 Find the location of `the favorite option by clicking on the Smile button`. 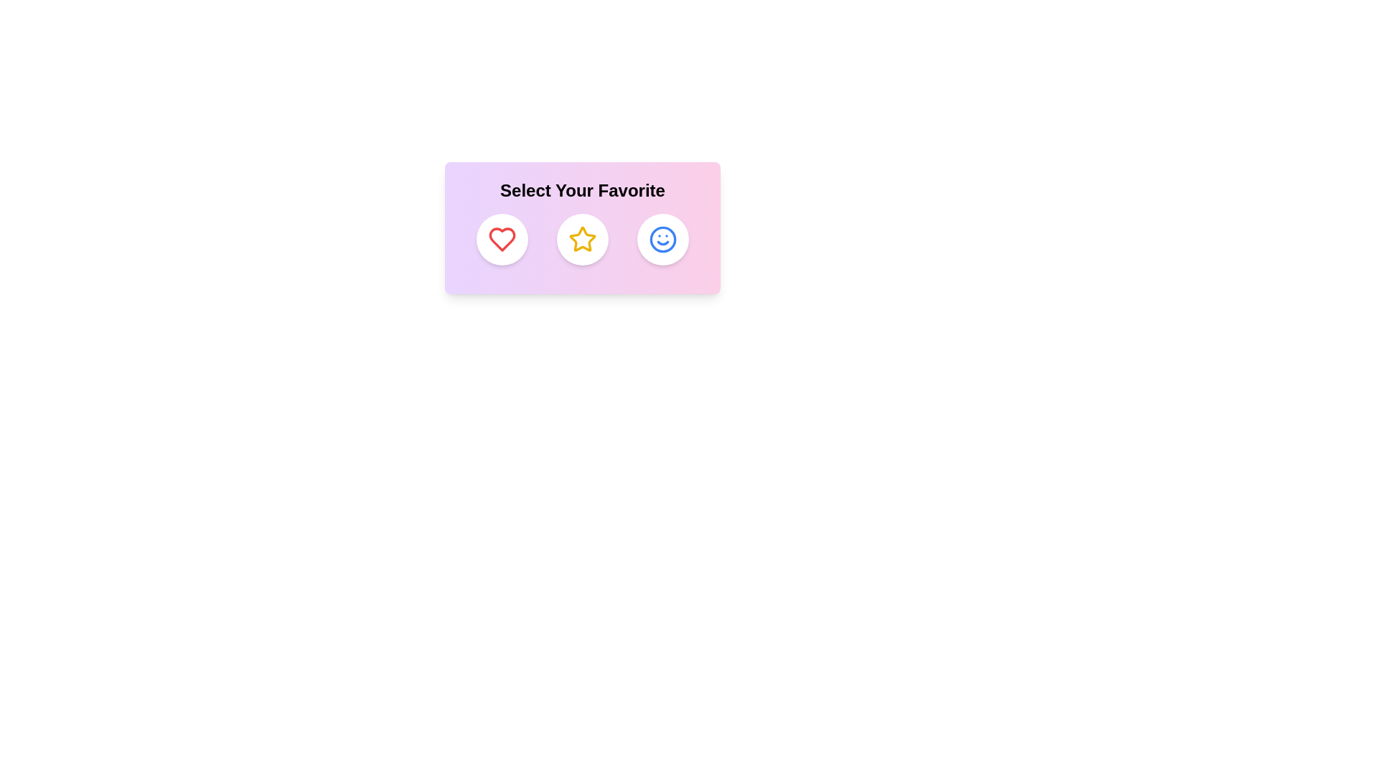

the favorite option by clicking on the Smile button is located at coordinates (662, 239).